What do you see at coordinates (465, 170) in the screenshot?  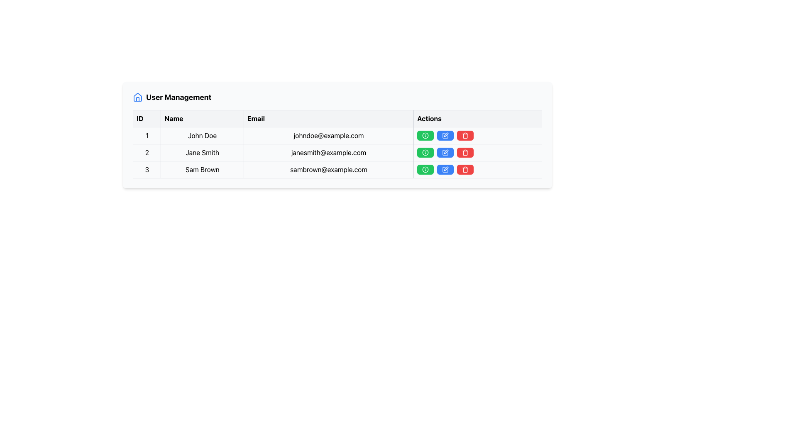 I see `the trash can icon located in the 'Actions' column of the tabular interface for user 'Sam Brown'. This icon is a vertical rectangular shape with a stroke outline and no fill, positioned in the third row` at bounding box center [465, 170].